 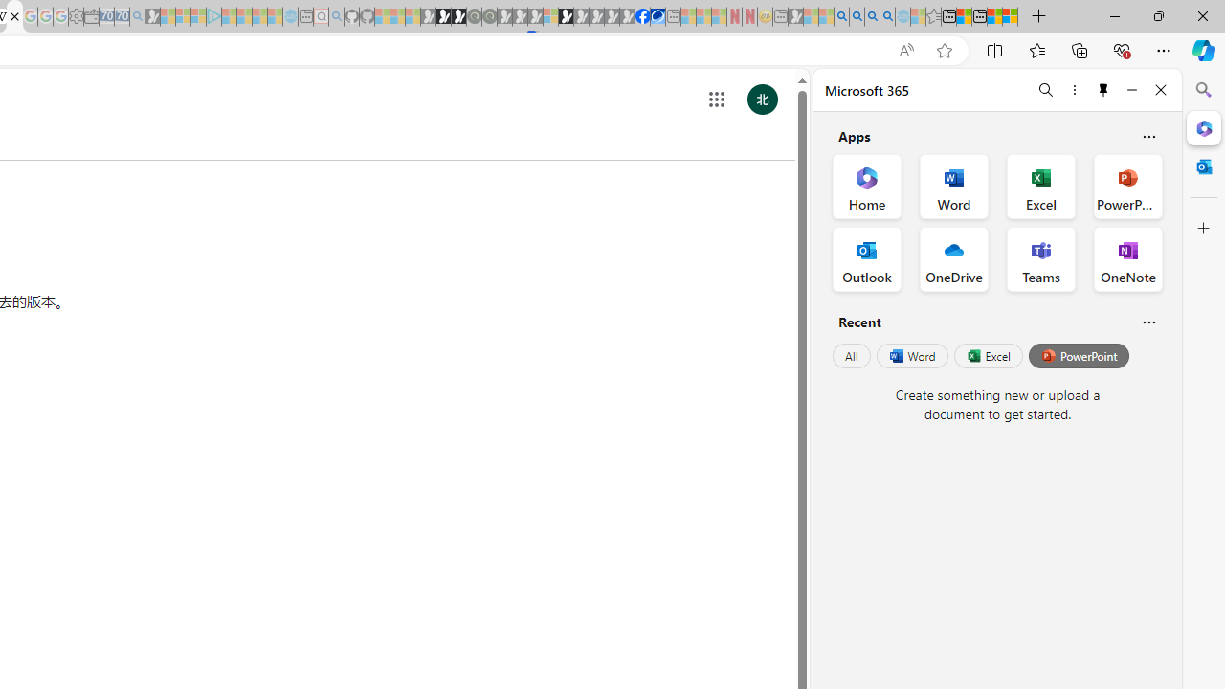 I want to click on 'All', so click(x=851, y=356).